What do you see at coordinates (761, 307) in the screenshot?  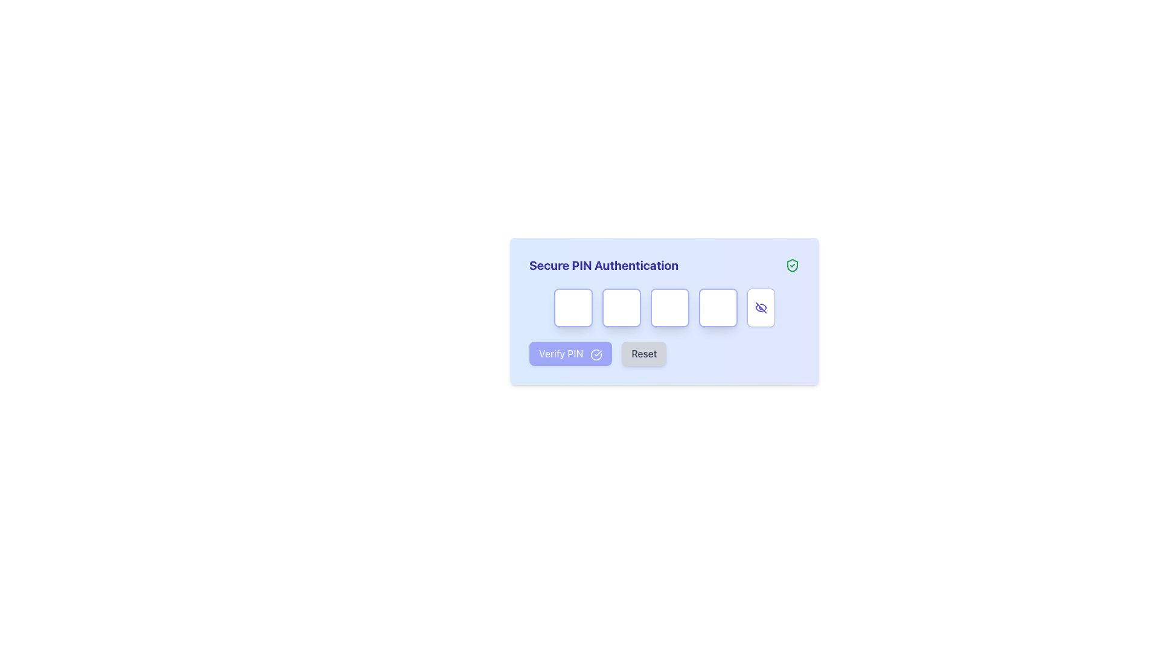 I see `the eye-slash icon in the bottom-right section of the main interface` at bounding box center [761, 307].